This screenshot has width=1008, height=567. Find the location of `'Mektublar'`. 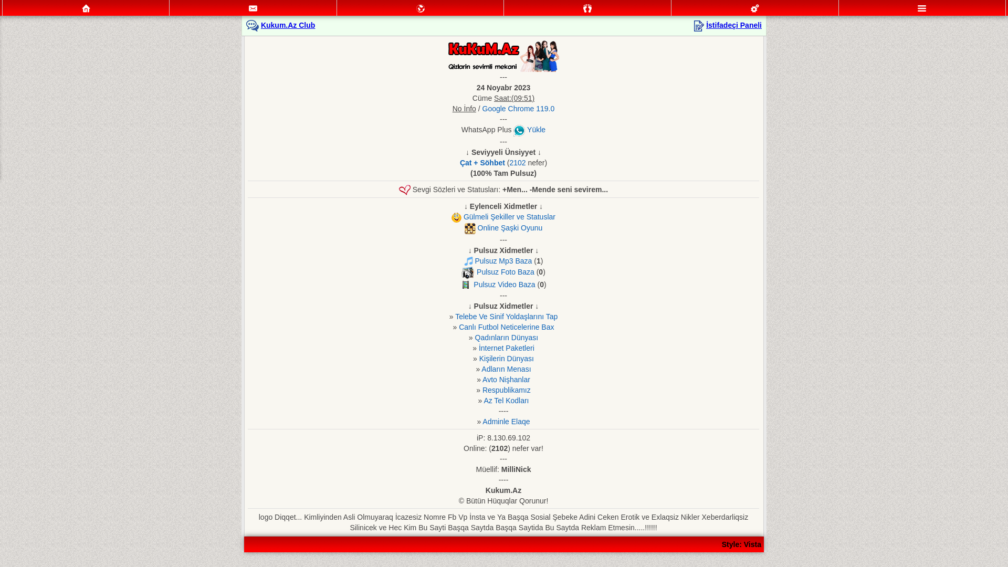

'Mektublar' is located at coordinates (415, 8).